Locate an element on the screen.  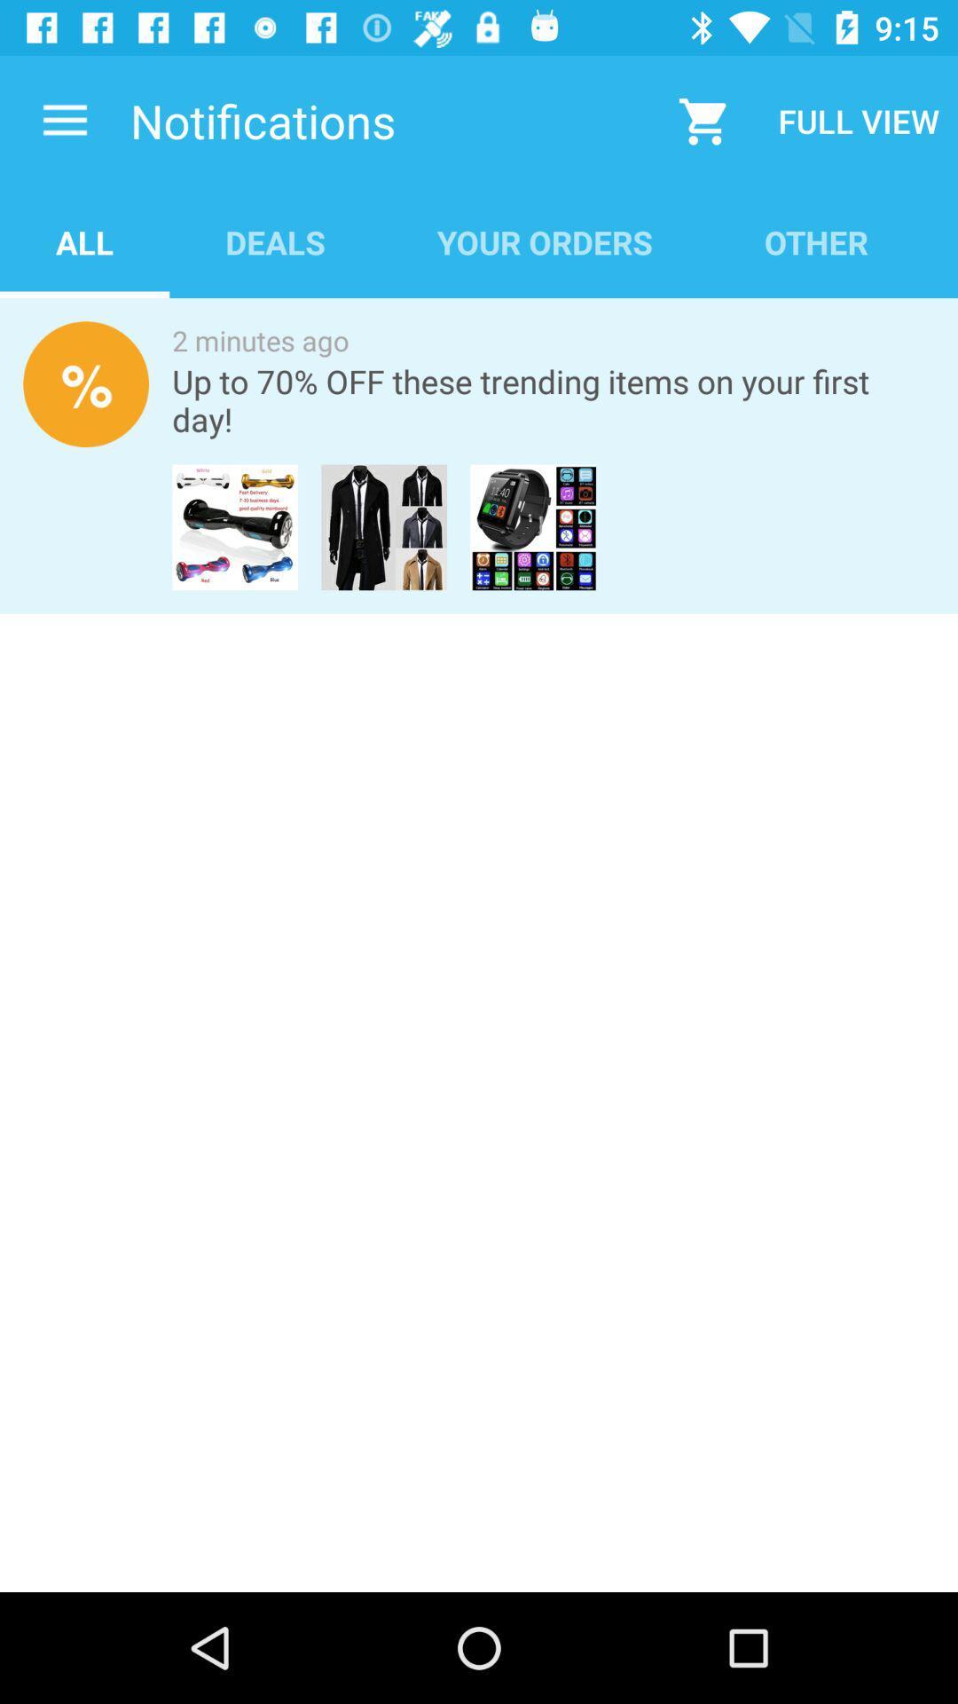
the icon above the other app is located at coordinates (858, 120).